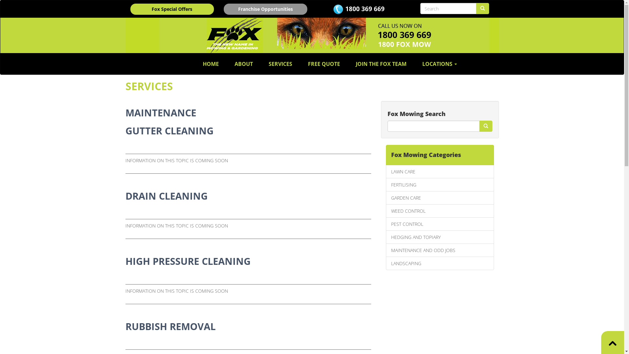 The width and height of the screenshot is (629, 354). What do you see at coordinates (280, 64) in the screenshot?
I see `'SERVICES'` at bounding box center [280, 64].